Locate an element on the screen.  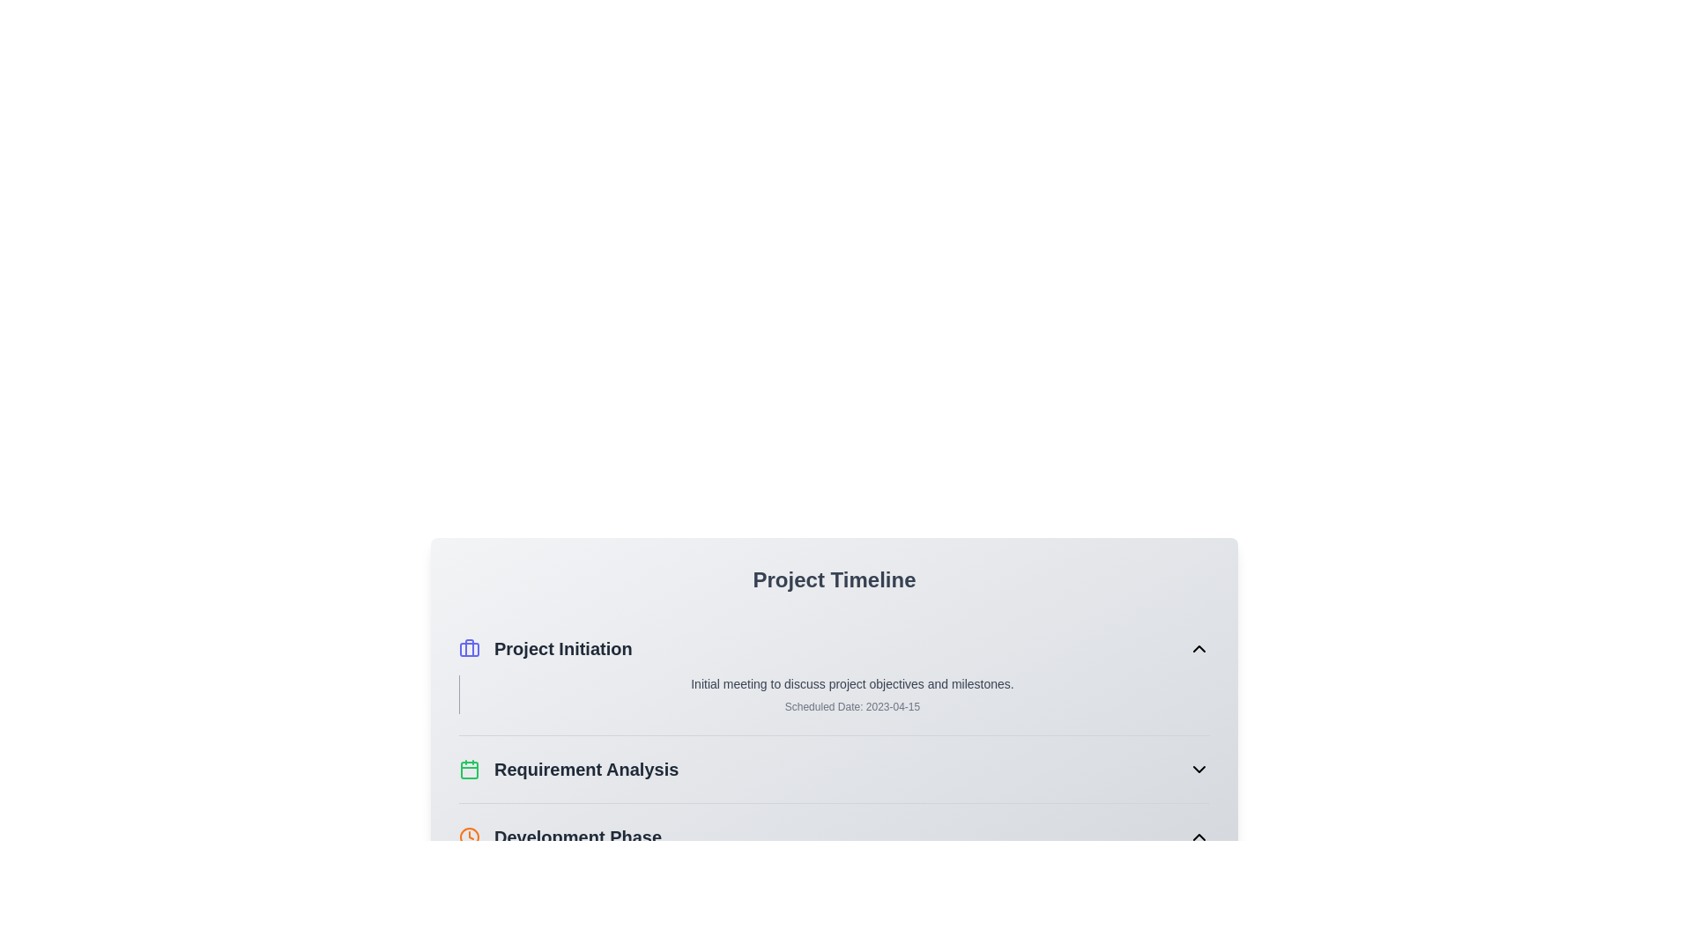
text displayed in the header labeled 'Requirement Analysis' which is styled in bold, semi-large gray font and located under the 'Project Timeline' section is located at coordinates (568, 769).